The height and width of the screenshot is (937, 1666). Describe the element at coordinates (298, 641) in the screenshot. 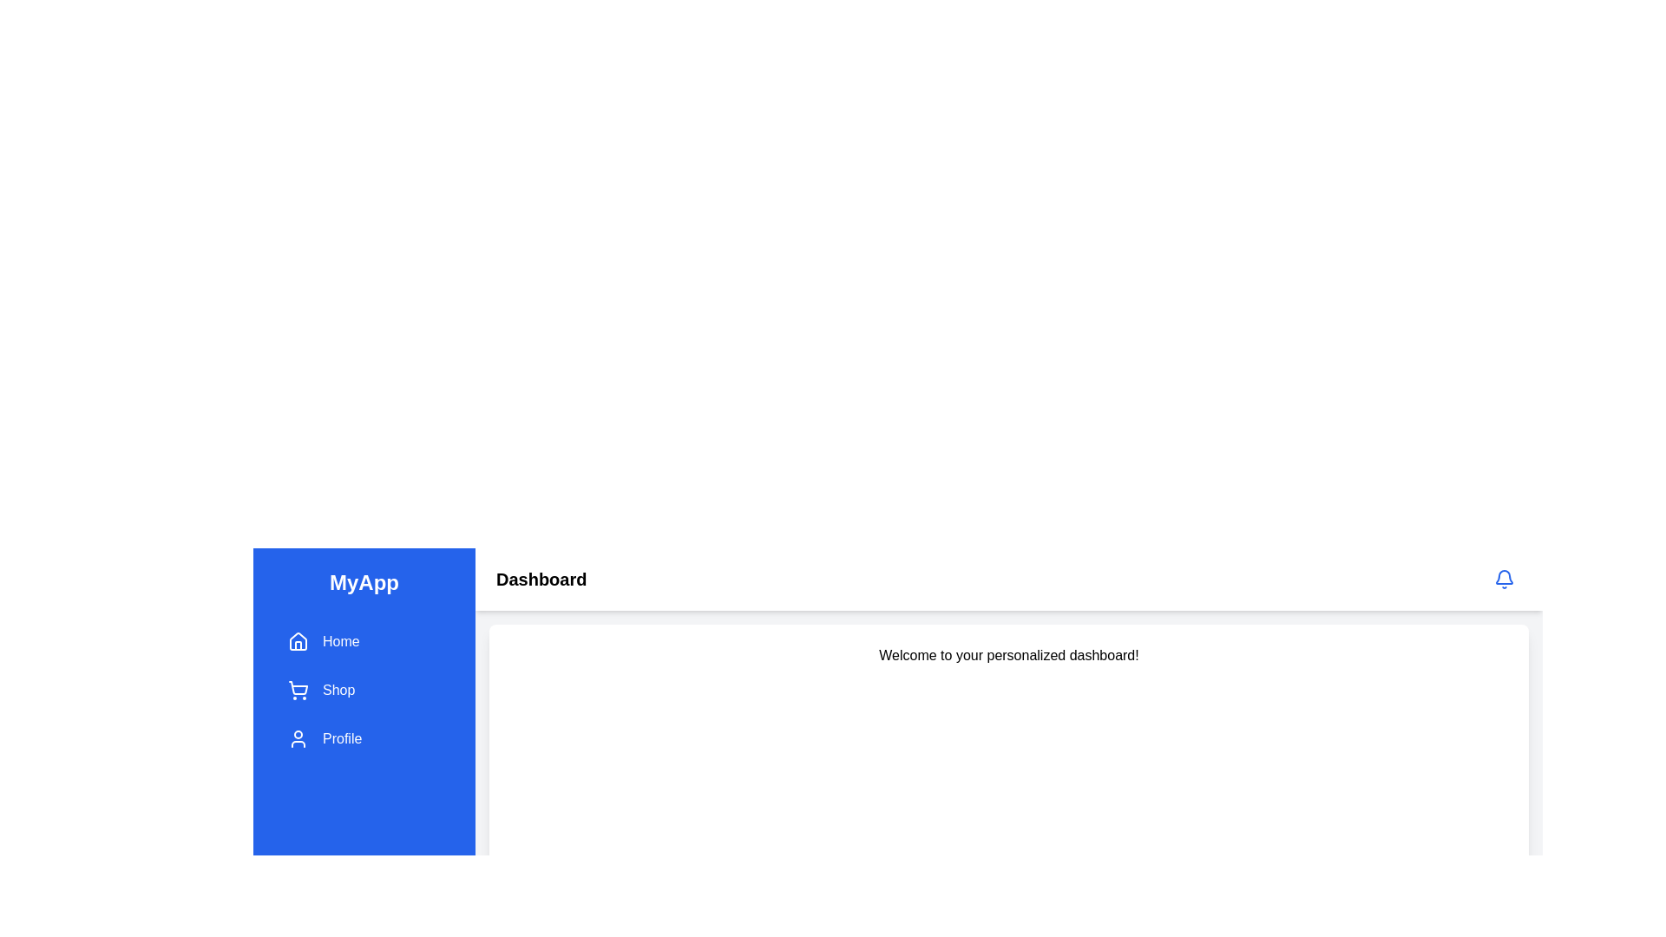

I see `the house icon located in the top section of the vertical blue navigation panel, which is directly to the left of the 'Home' text label` at that location.